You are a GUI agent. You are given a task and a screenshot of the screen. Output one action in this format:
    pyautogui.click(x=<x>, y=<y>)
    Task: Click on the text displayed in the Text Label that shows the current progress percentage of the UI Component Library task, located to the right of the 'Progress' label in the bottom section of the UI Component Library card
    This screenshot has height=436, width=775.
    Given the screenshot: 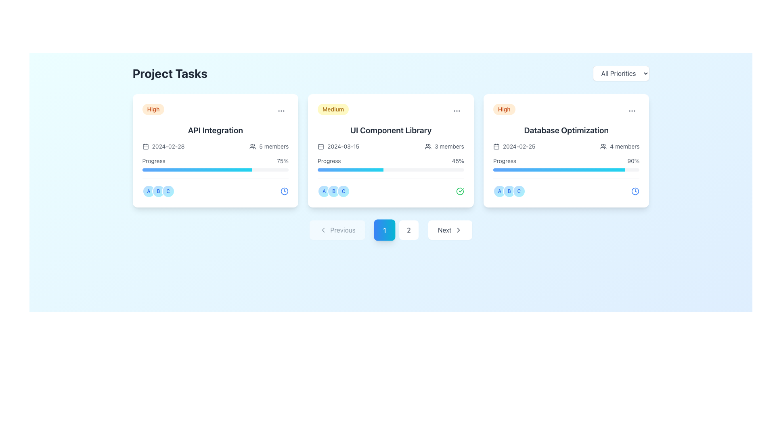 What is the action you would take?
    pyautogui.click(x=458, y=161)
    